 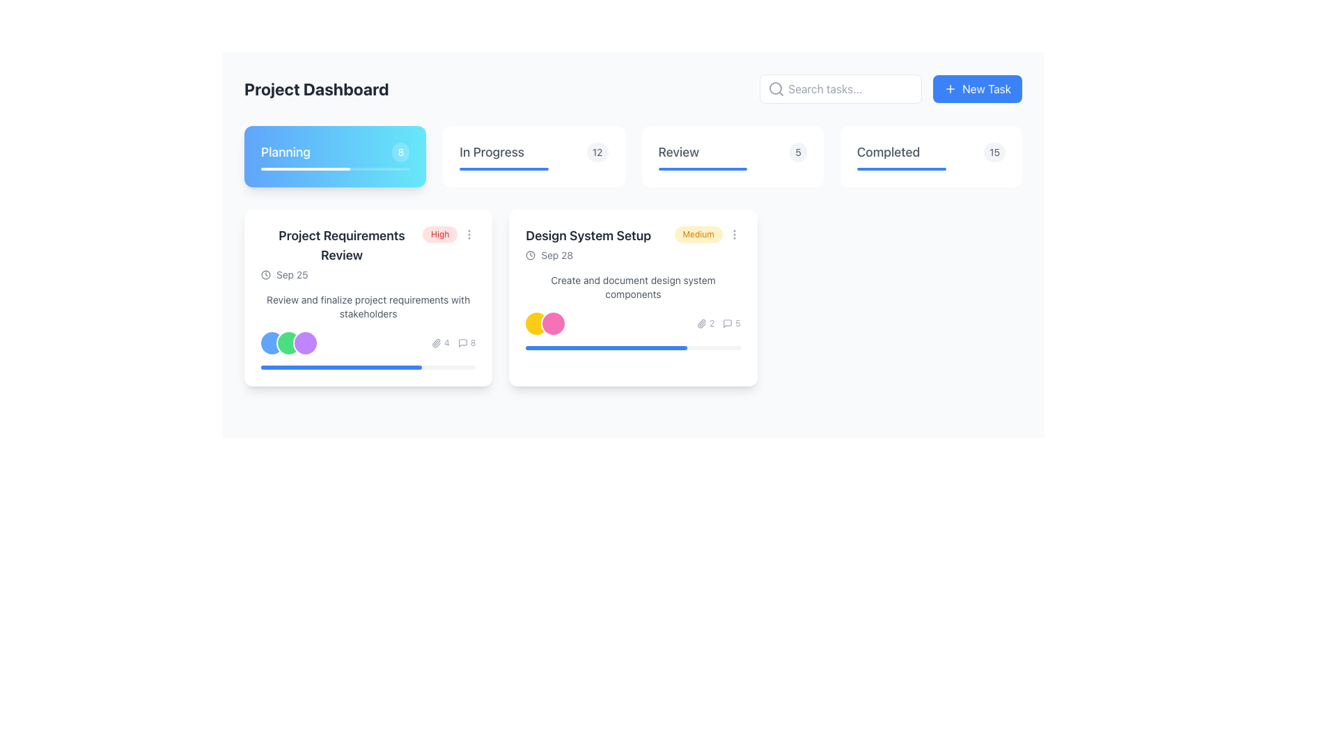 I want to click on the text label displaying 'Planning' which is styled with a brighter color on a gradient blue background, located within a blue-bordered widget on the dashboard interface, so click(x=285, y=152).